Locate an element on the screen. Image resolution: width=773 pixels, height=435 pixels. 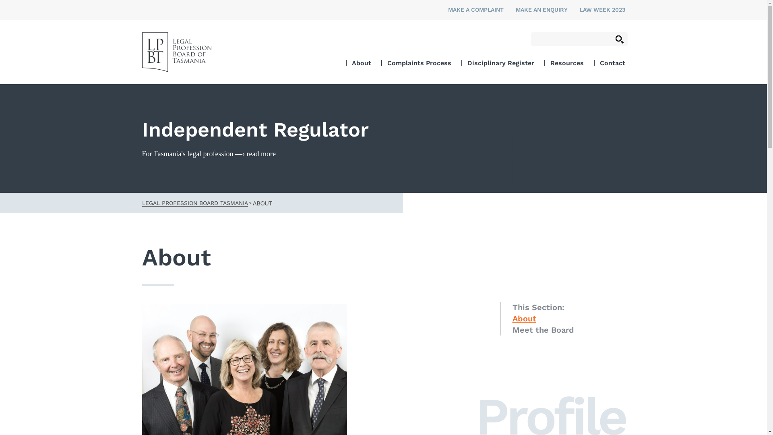
'Home' is located at coordinates (176, 52).